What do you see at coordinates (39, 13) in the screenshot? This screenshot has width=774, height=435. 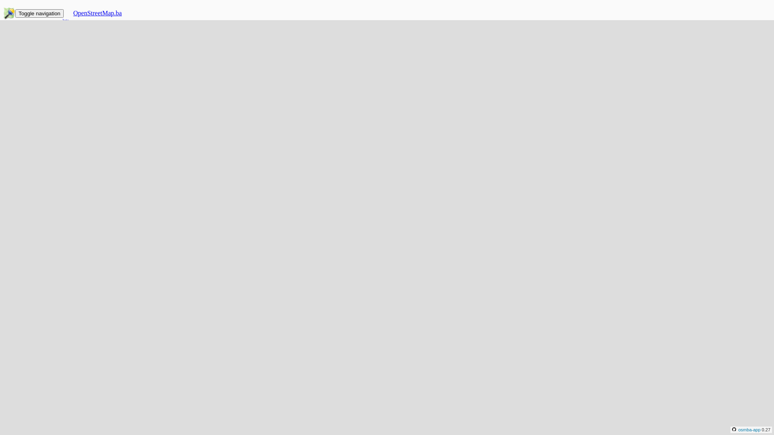 I see `'Toggle navigation'` at bounding box center [39, 13].